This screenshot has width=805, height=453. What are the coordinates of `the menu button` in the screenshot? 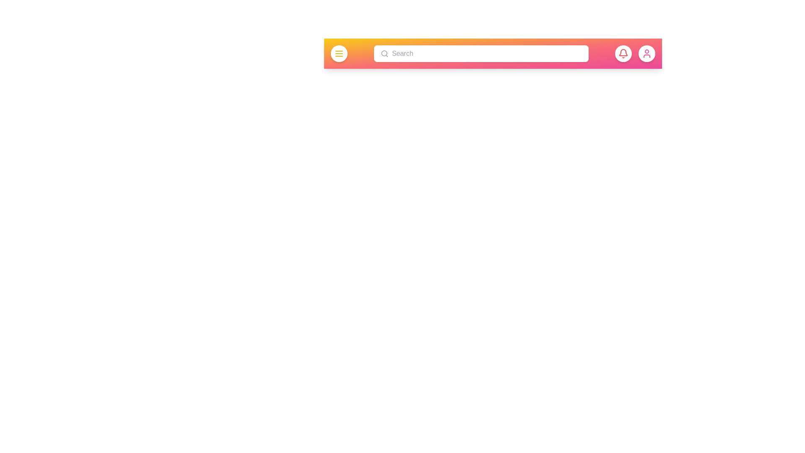 It's located at (339, 53).